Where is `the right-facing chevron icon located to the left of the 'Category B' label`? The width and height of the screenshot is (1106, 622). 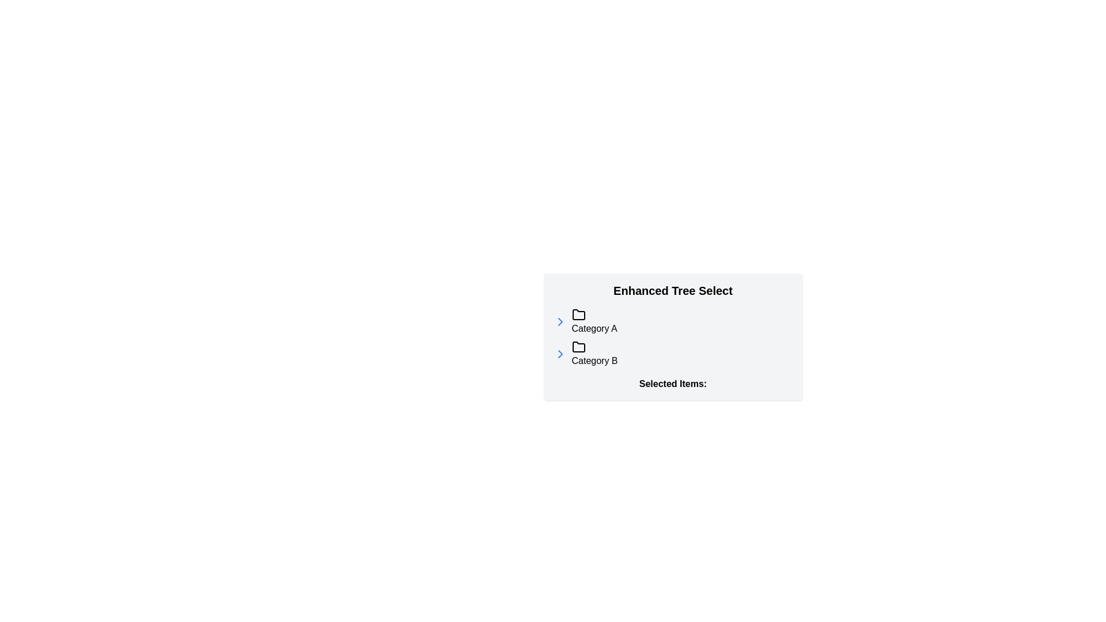
the right-facing chevron icon located to the left of the 'Category B' label is located at coordinates (560, 322).